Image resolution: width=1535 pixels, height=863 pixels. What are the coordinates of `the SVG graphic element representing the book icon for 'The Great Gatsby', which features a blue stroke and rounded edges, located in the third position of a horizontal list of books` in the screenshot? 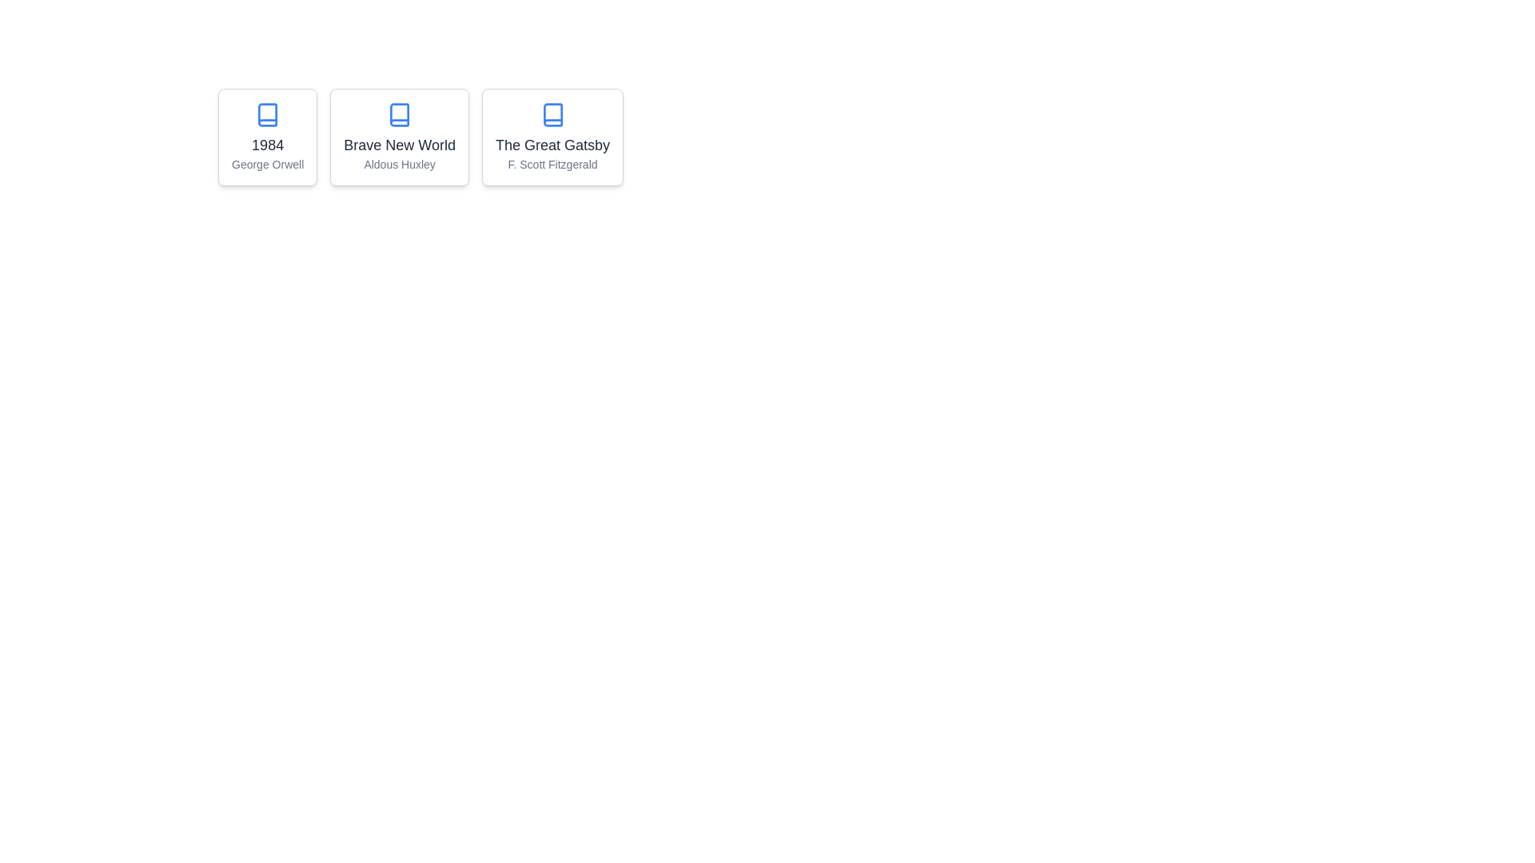 It's located at (552, 113).